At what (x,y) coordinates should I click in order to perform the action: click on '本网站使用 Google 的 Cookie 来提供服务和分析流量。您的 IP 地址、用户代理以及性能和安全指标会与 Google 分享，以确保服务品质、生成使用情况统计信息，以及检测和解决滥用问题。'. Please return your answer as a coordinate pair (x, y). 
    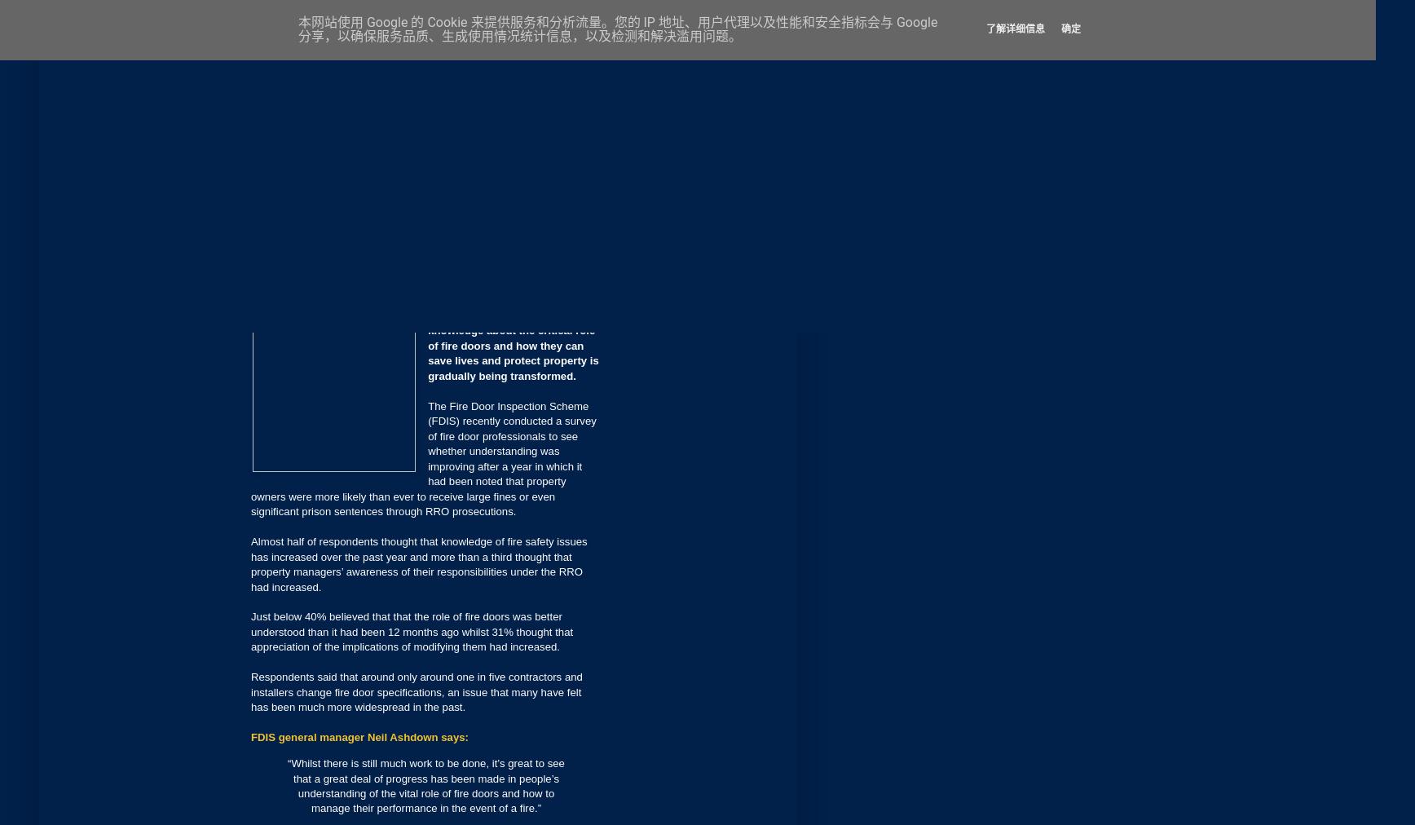
    Looking at the image, I should click on (617, 28).